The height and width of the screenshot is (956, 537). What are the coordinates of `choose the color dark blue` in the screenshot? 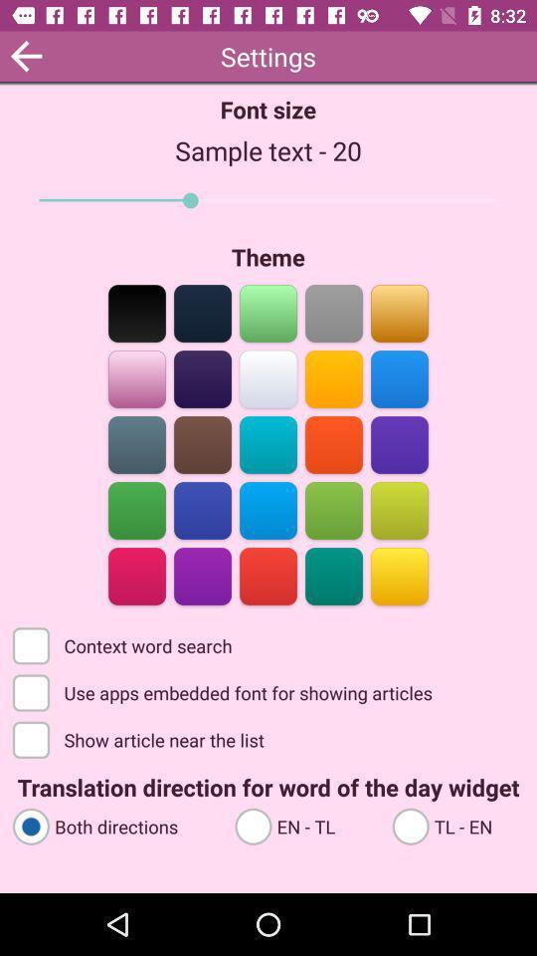 It's located at (202, 312).